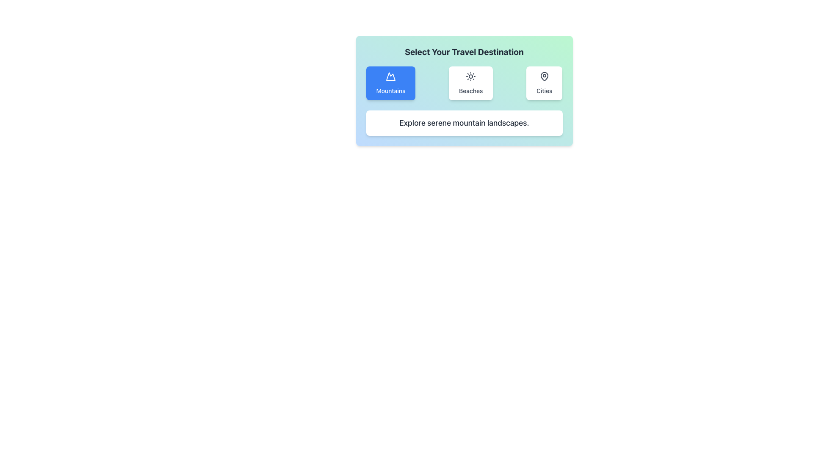 Image resolution: width=813 pixels, height=457 pixels. I want to click on descriptive text at the bottom of the travel destinations selection card, which contains buttons for 'Mountains,' 'Beaches,' and 'Cities.', so click(464, 91).